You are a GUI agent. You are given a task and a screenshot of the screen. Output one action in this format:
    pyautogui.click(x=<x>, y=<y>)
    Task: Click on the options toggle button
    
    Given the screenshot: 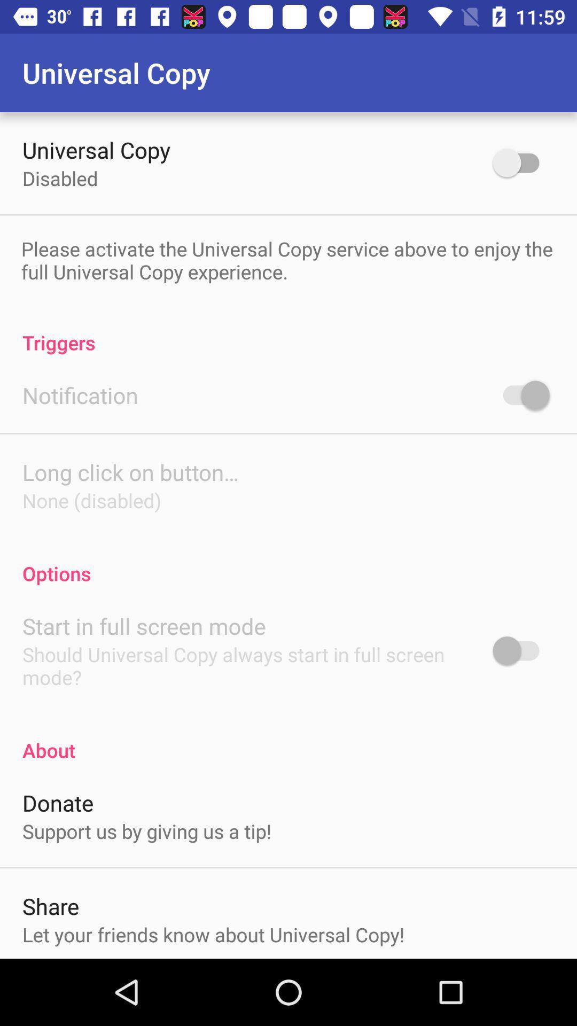 What is the action you would take?
    pyautogui.click(x=520, y=650)
    